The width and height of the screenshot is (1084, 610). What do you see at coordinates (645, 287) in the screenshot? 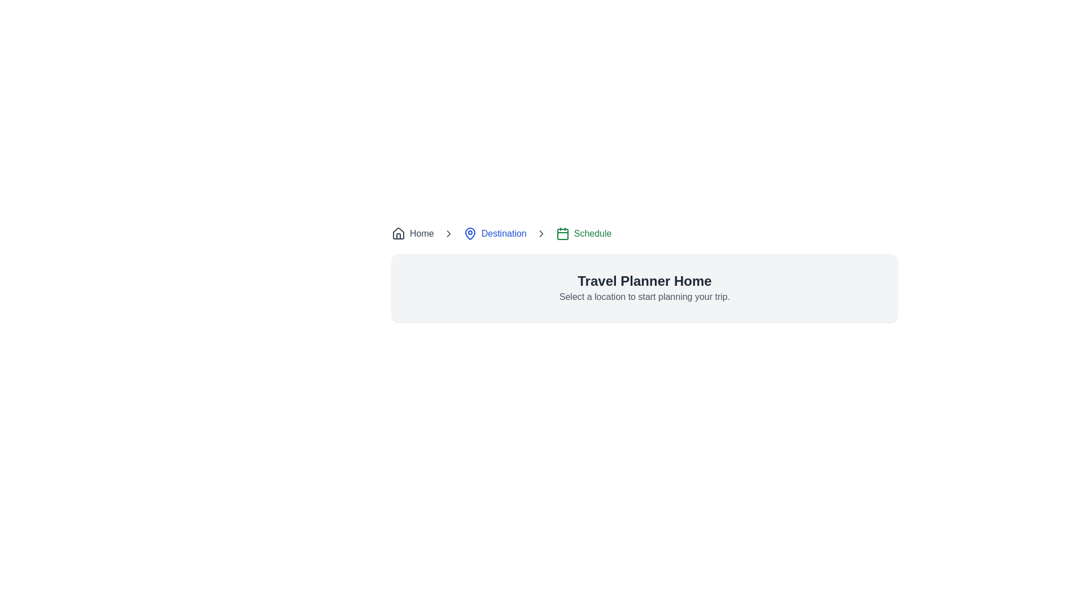
I see `text displayed in the central text block, which contains 'Travel Planner Home' and 'Select a location to start planning your trip.'` at bounding box center [645, 287].